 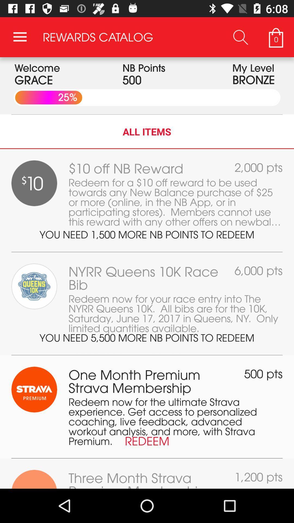 I want to click on the app to the right of the rewards catalog, so click(x=240, y=37).